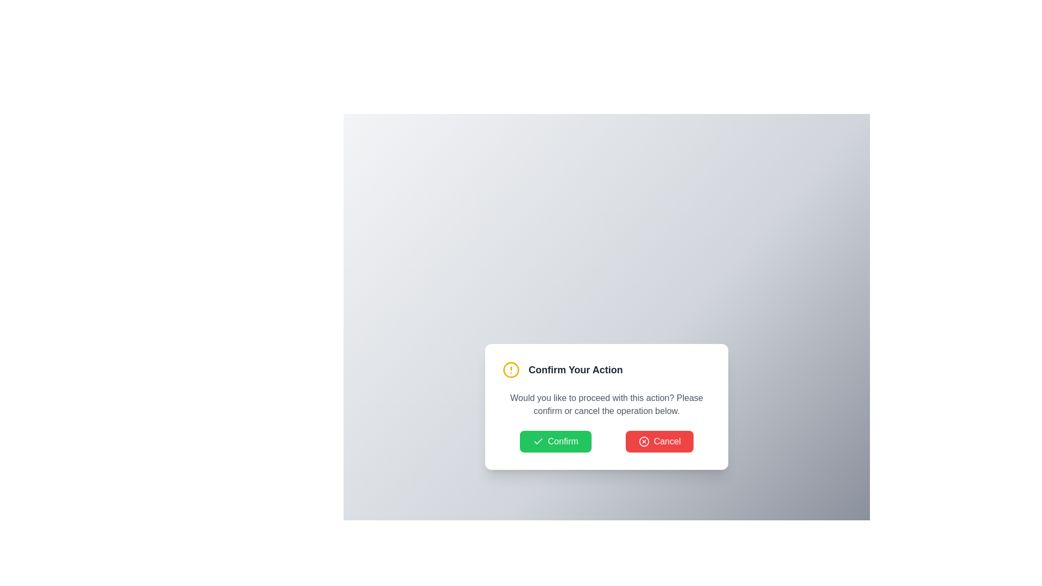  I want to click on the text label 'Confirm Your Action' which is prominently displayed in a modal dialog, styled in bold dark gray on a white background, so click(575, 370).